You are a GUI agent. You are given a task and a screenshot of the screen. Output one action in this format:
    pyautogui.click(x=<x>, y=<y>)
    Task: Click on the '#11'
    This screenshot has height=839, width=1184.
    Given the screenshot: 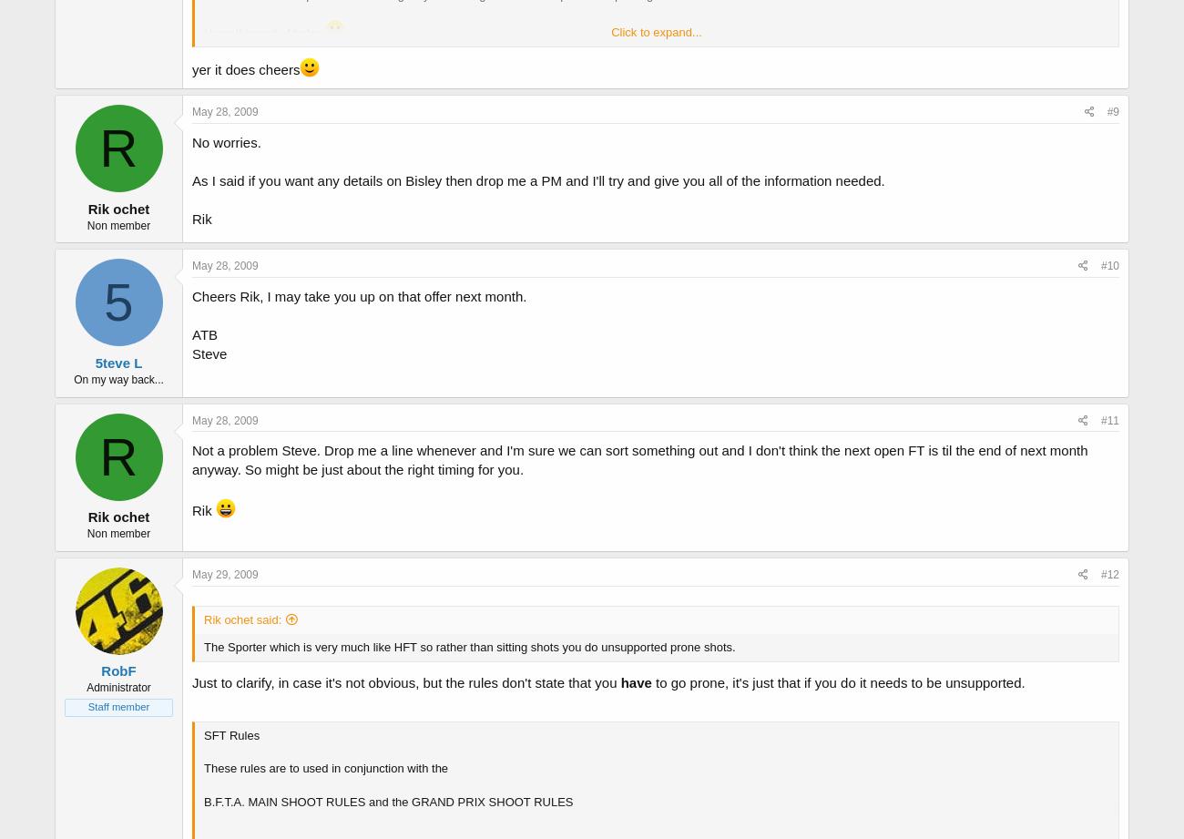 What is the action you would take?
    pyautogui.click(x=1108, y=419)
    